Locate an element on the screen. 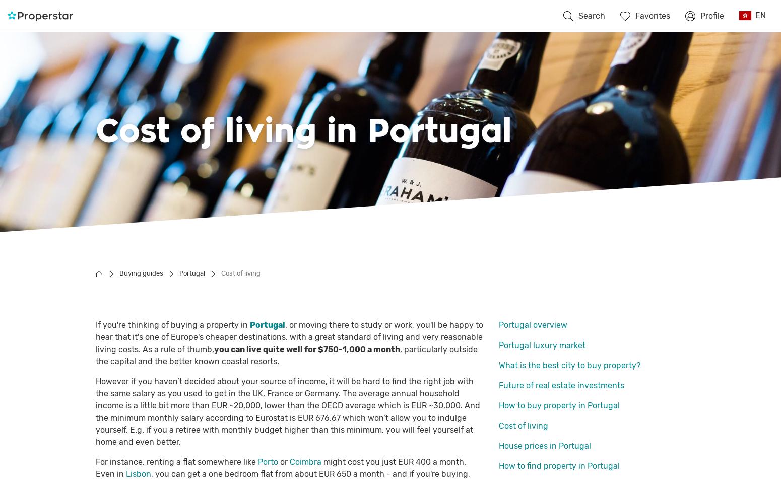 The image size is (781, 480). 'Porto' is located at coordinates (267, 462).